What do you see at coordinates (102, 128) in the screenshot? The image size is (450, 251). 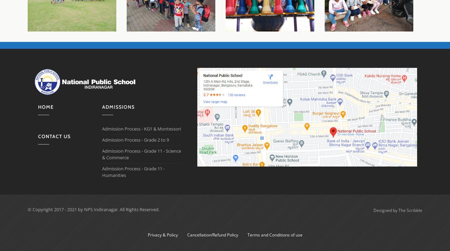 I see `'Admission Process - KG1 & Montessori'` at bounding box center [102, 128].